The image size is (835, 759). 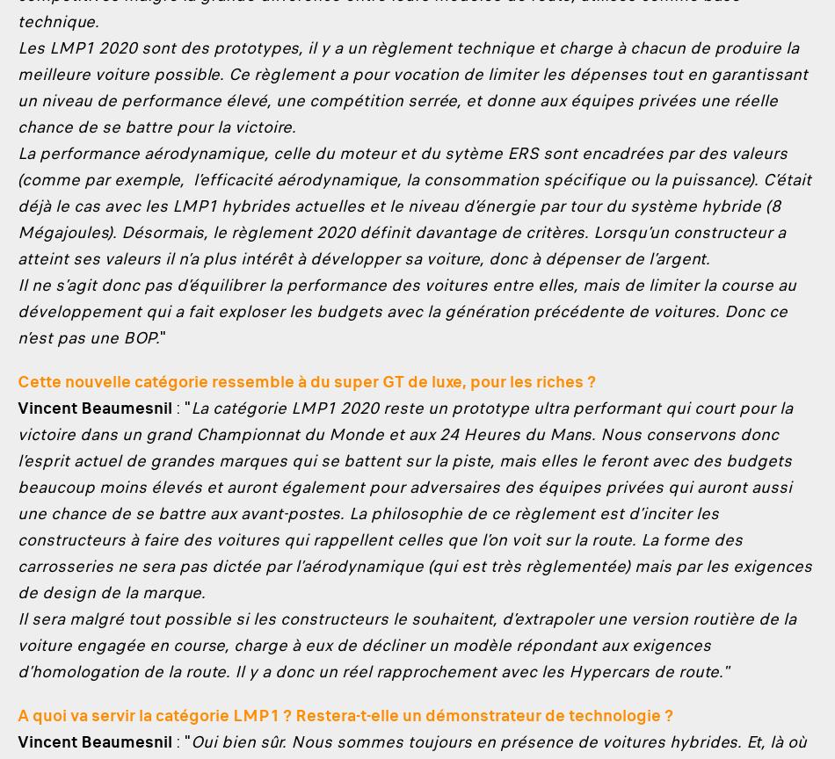 I want to click on 'Il ne s’agit donc pas d’équilibrer la performance des voitures entre elles, mais de limiter la course au développement qui a fait exploser les budgets avec la génération précédente de voitures. Donc ce n’est pas une BOP.', so click(x=406, y=310).